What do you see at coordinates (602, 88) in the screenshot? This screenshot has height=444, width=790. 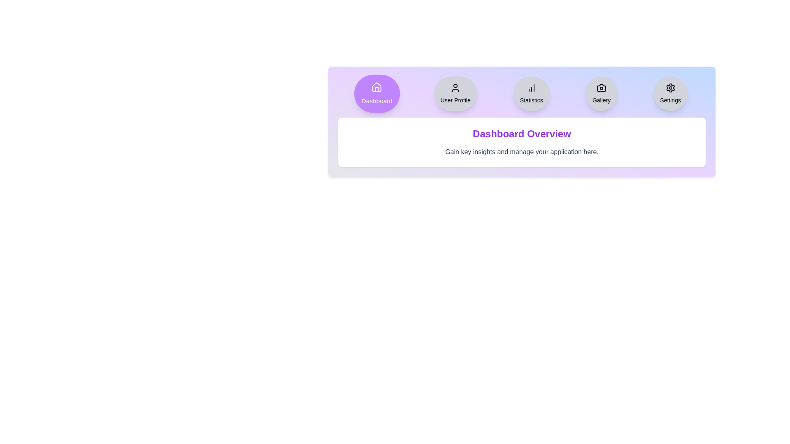 I see `the decorative Icon of the 'Gallery' button located in the top navigation bar` at bounding box center [602, 88].